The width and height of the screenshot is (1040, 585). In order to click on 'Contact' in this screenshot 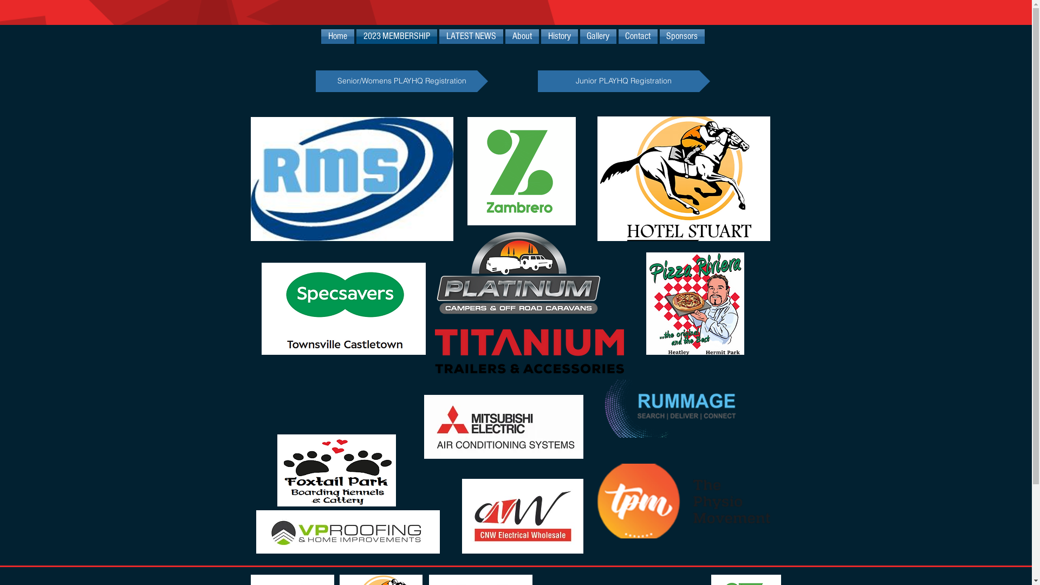, I will do `click(638, 36)`.